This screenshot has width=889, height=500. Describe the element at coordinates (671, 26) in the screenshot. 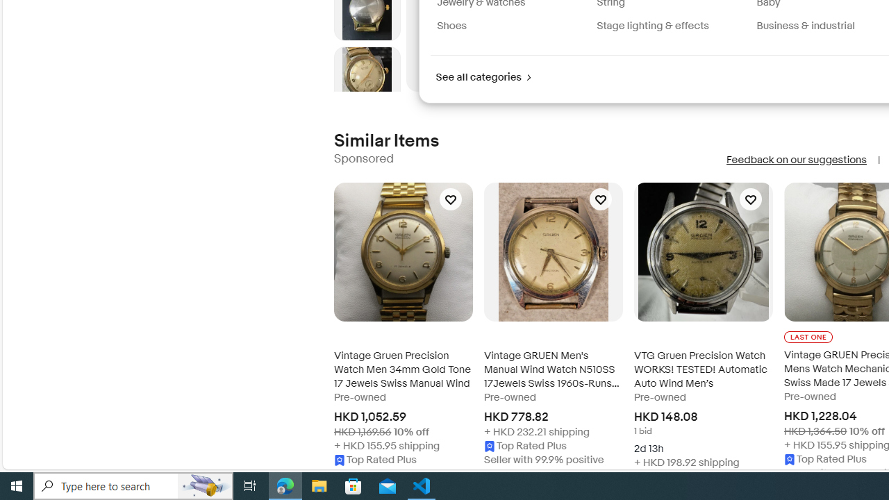

I see `'Stage lighting & effects'` at that location.